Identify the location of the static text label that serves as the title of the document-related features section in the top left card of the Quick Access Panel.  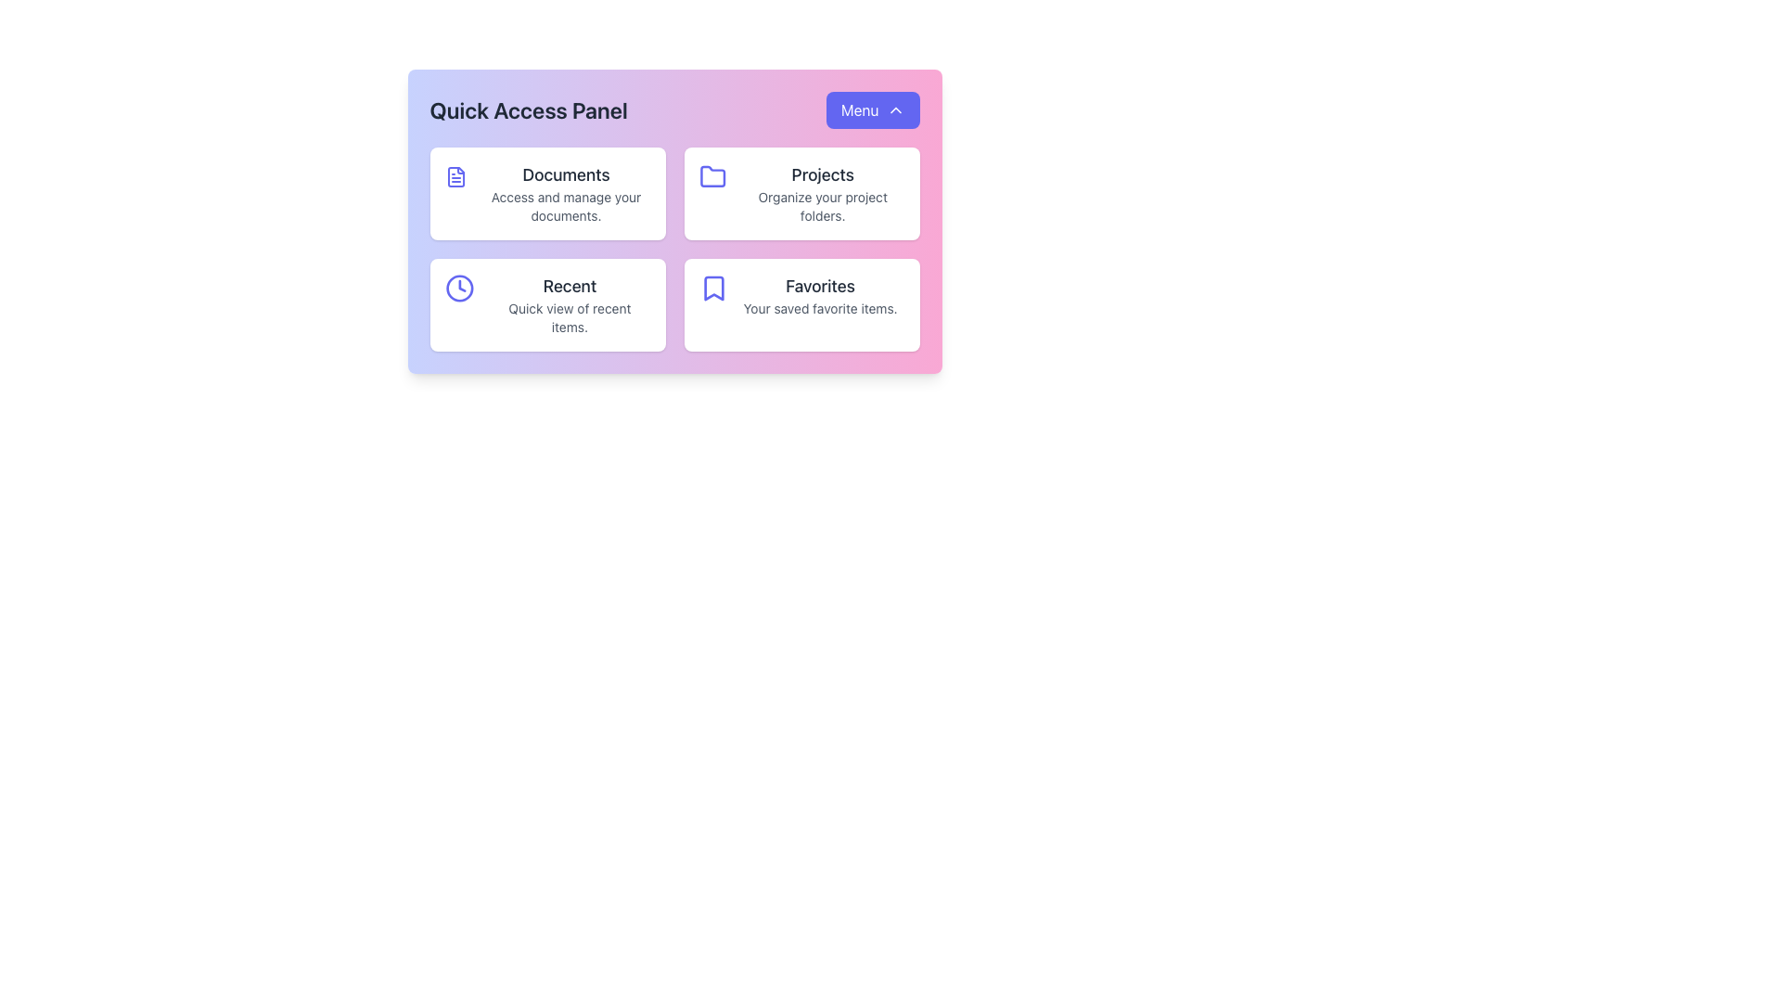
(565, 175).